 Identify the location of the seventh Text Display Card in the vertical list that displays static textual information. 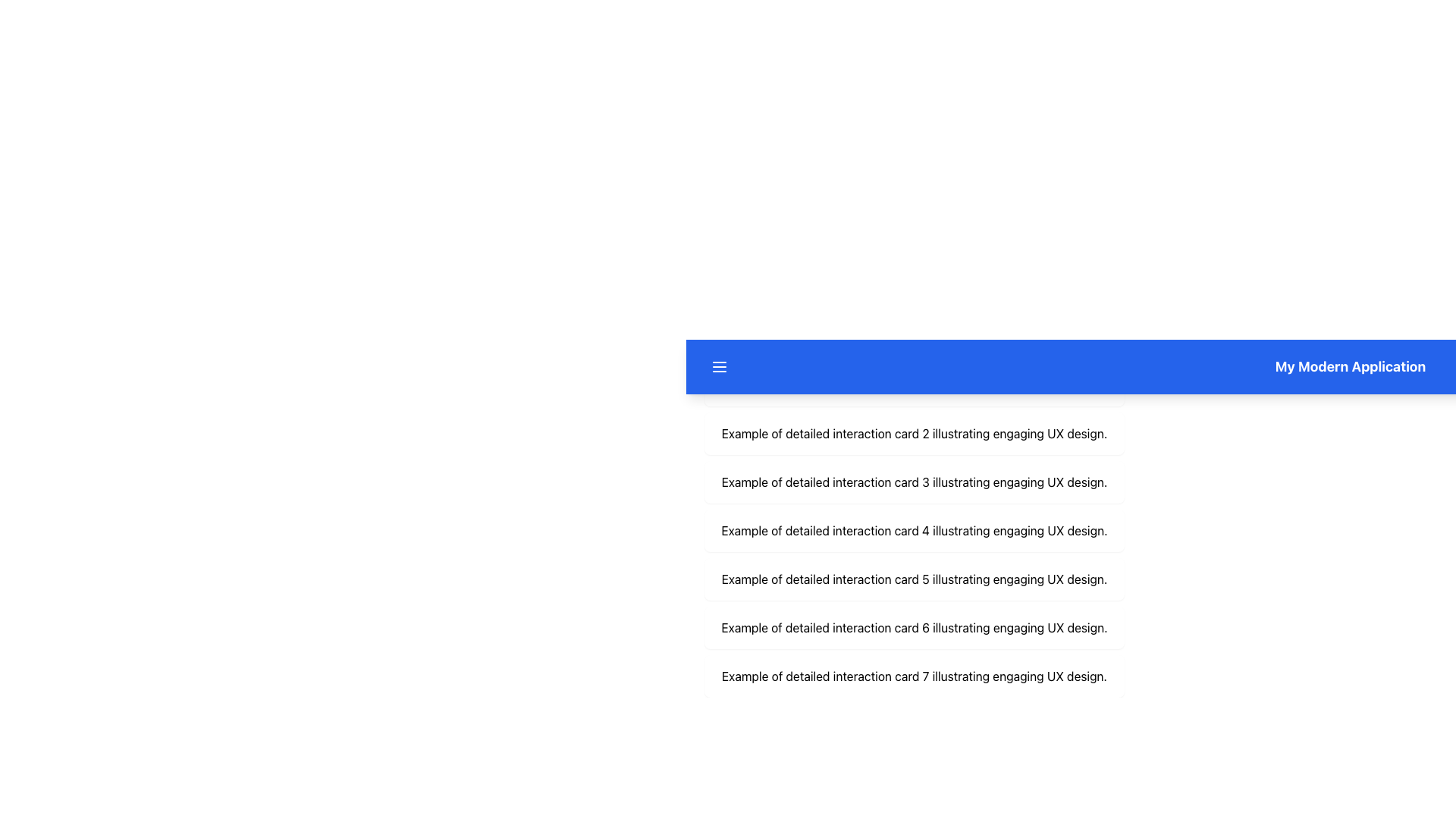
(913, 675).